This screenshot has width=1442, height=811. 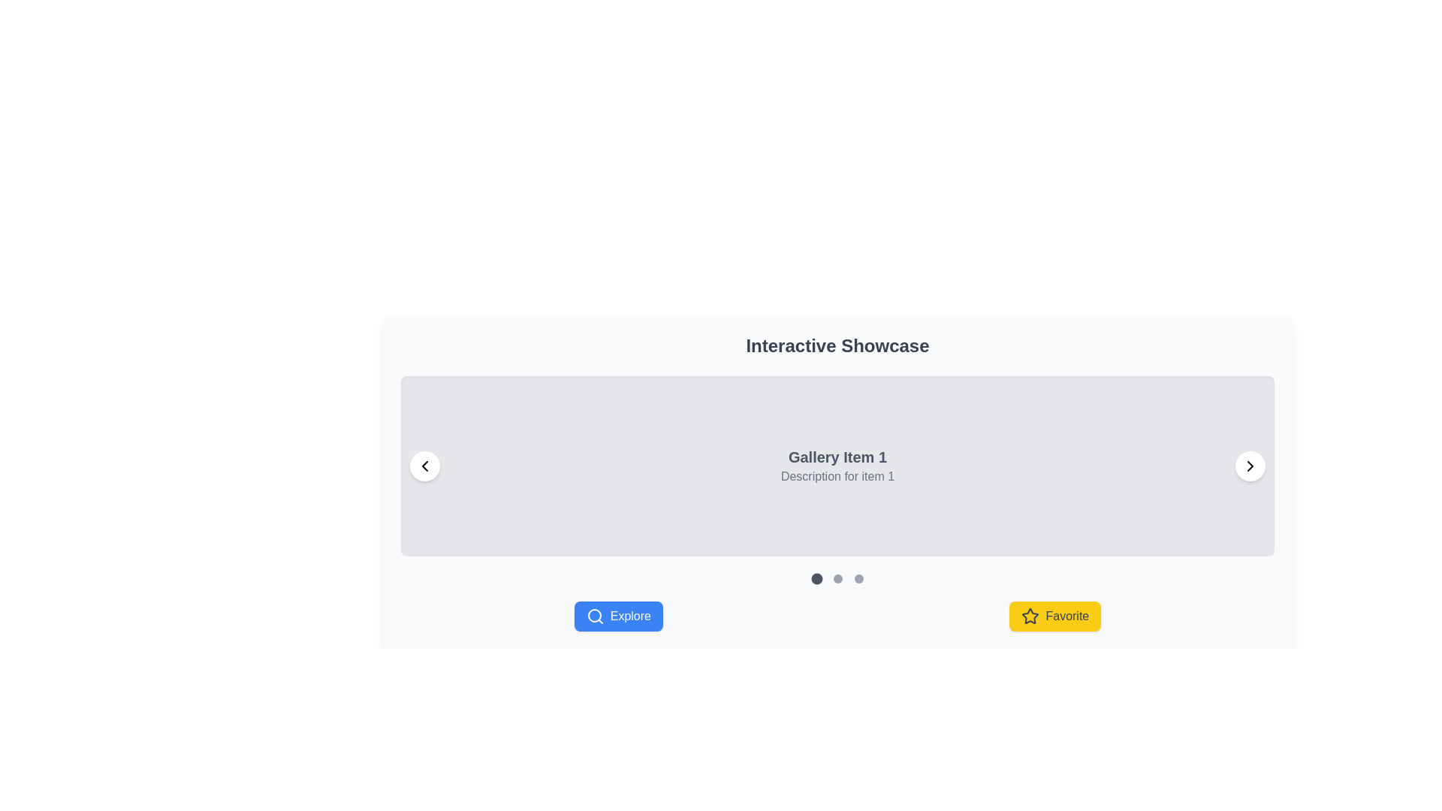 What do you see at coordinates (424, 466) in the screenshot?
I see `the left arrow-shaped icon located in the circular navigation button of the gallery carousel` at bounding box center [424, 466].